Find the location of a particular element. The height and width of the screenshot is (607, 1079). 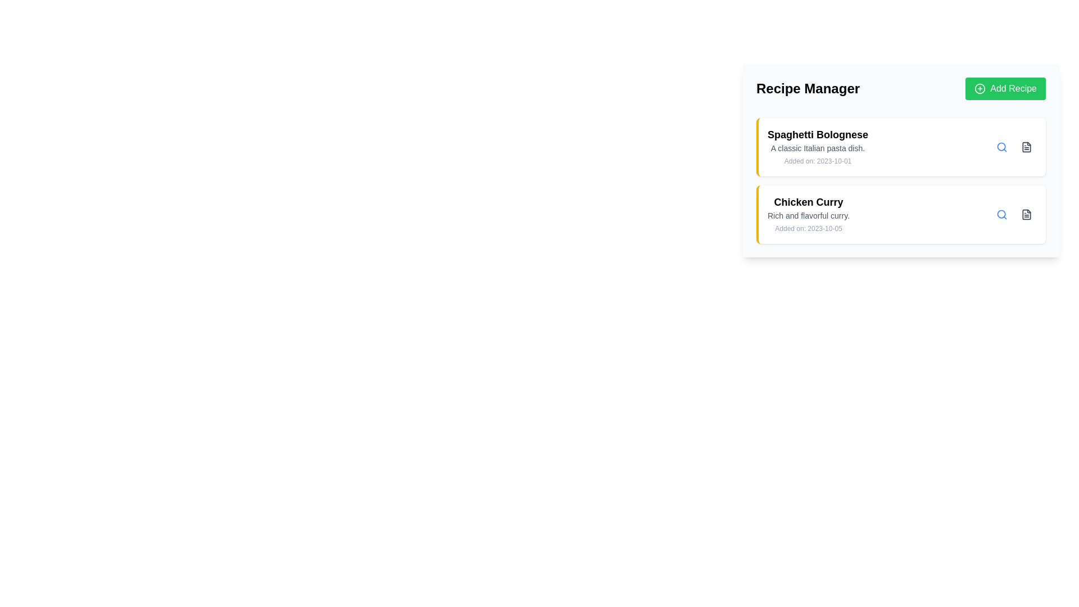

the icon button styled to resemble a file or document is located at coordinates (1027, 214).